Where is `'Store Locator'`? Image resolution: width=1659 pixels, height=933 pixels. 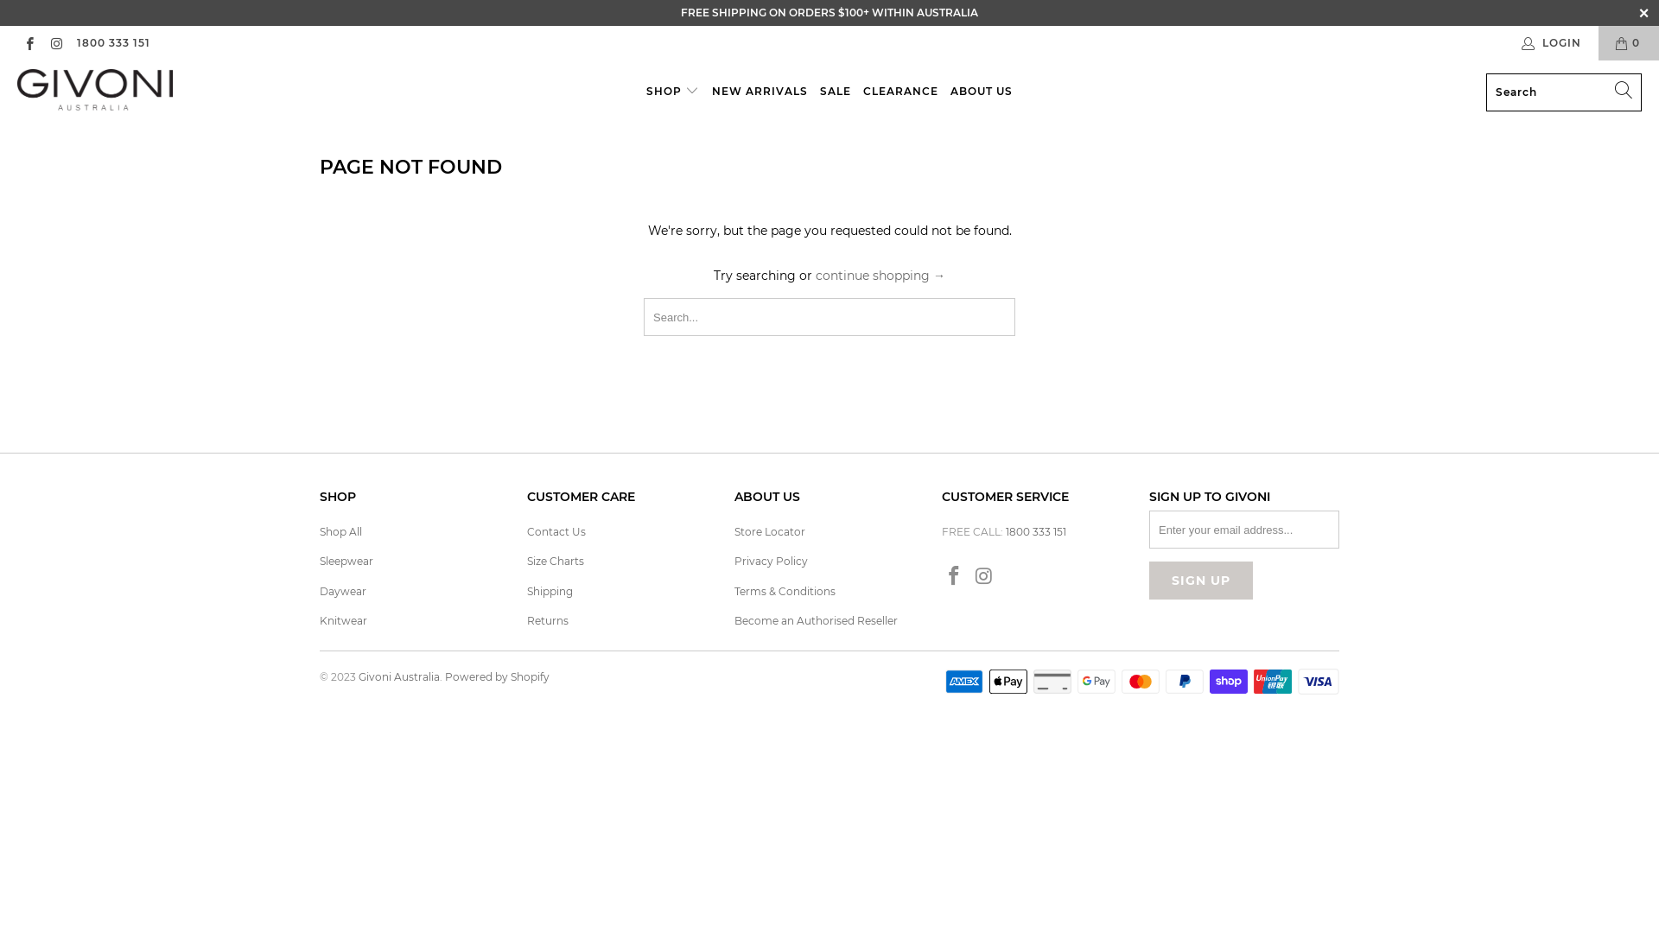
'Store Locator' is located at coordinates (734, 530).